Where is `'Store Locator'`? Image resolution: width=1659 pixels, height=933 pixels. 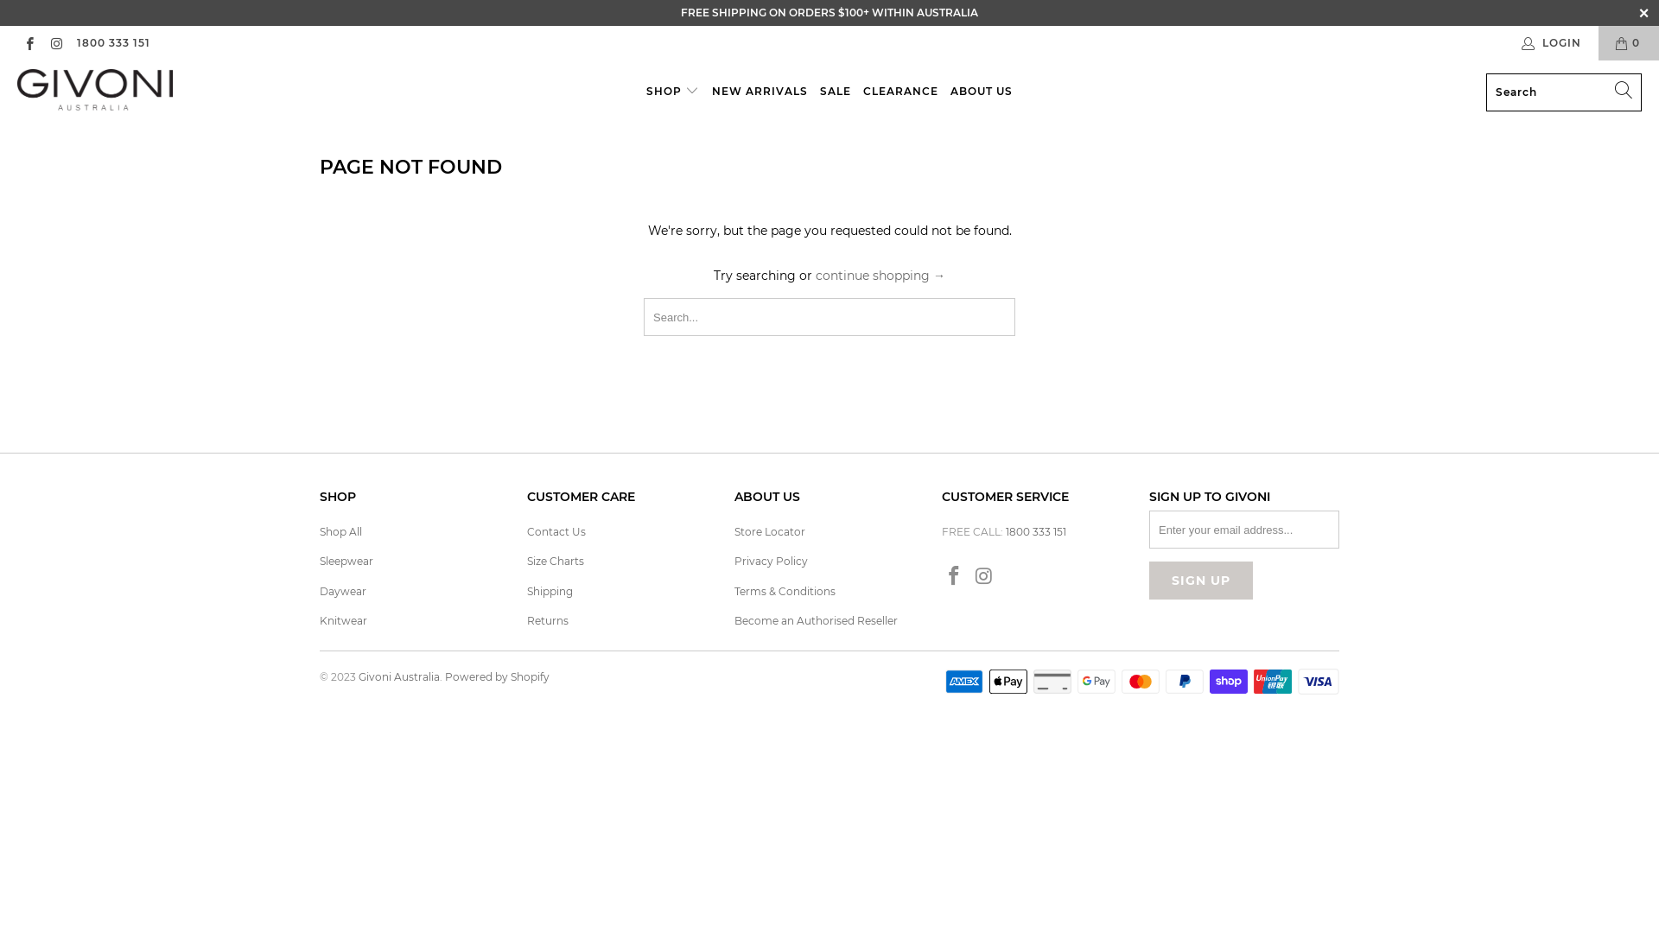
'Store Locator' is located at coordinates (734, 530).